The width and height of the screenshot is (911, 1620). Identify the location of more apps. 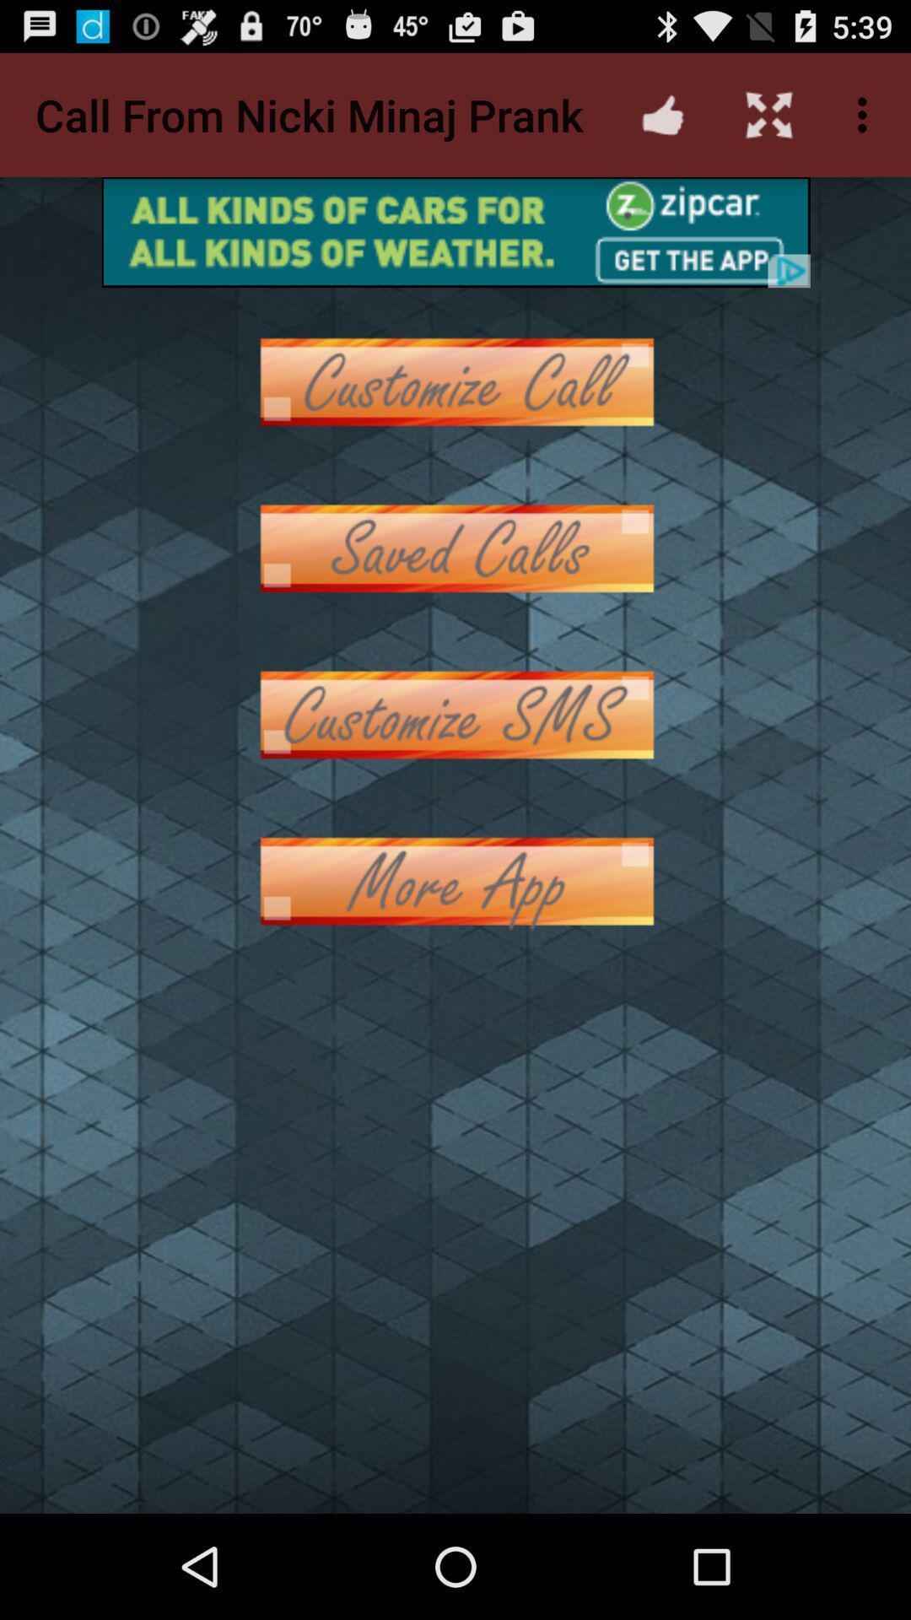
(455, 880).